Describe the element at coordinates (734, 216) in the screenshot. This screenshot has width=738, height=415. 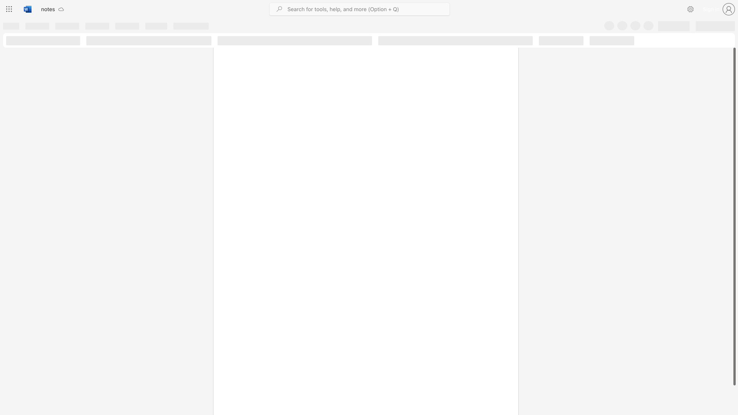
I see `the scrollbar and move up 40 pixels` at that location.